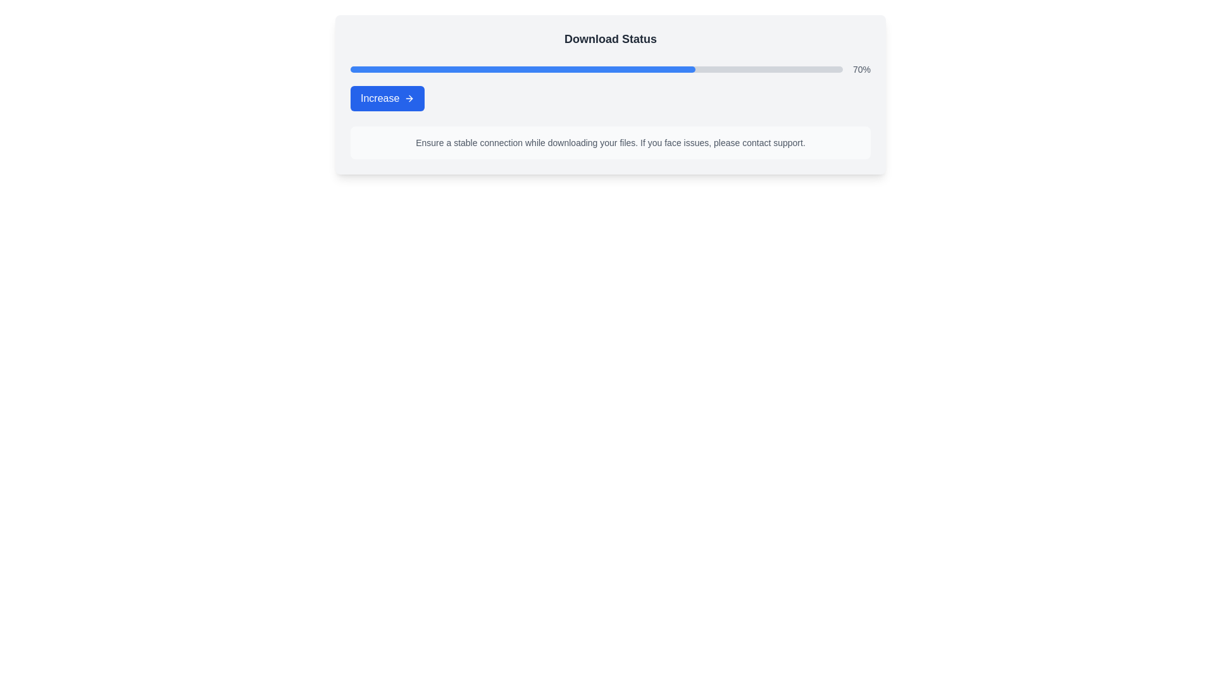  I want to click on the blue-filled progress bar segment located centrally below the 'Download Status' text label, so click(523, 70).